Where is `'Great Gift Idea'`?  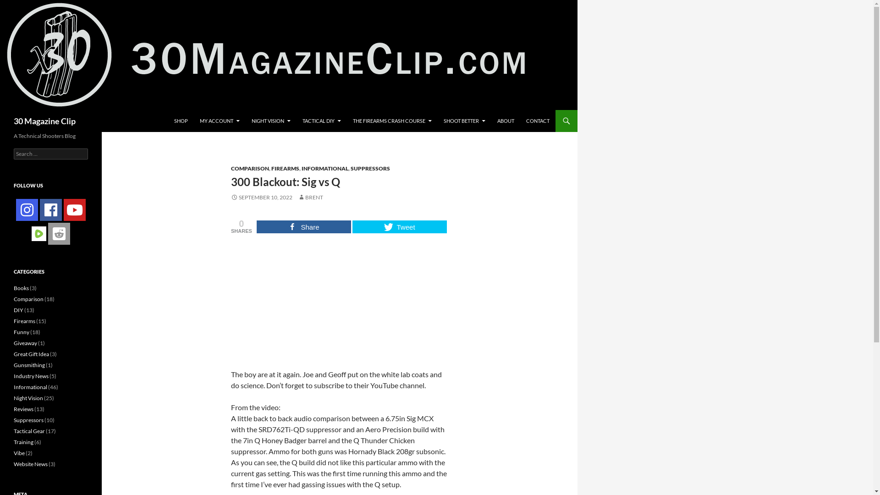 'Great Gift Idea' is located at coordinates (13, 353).